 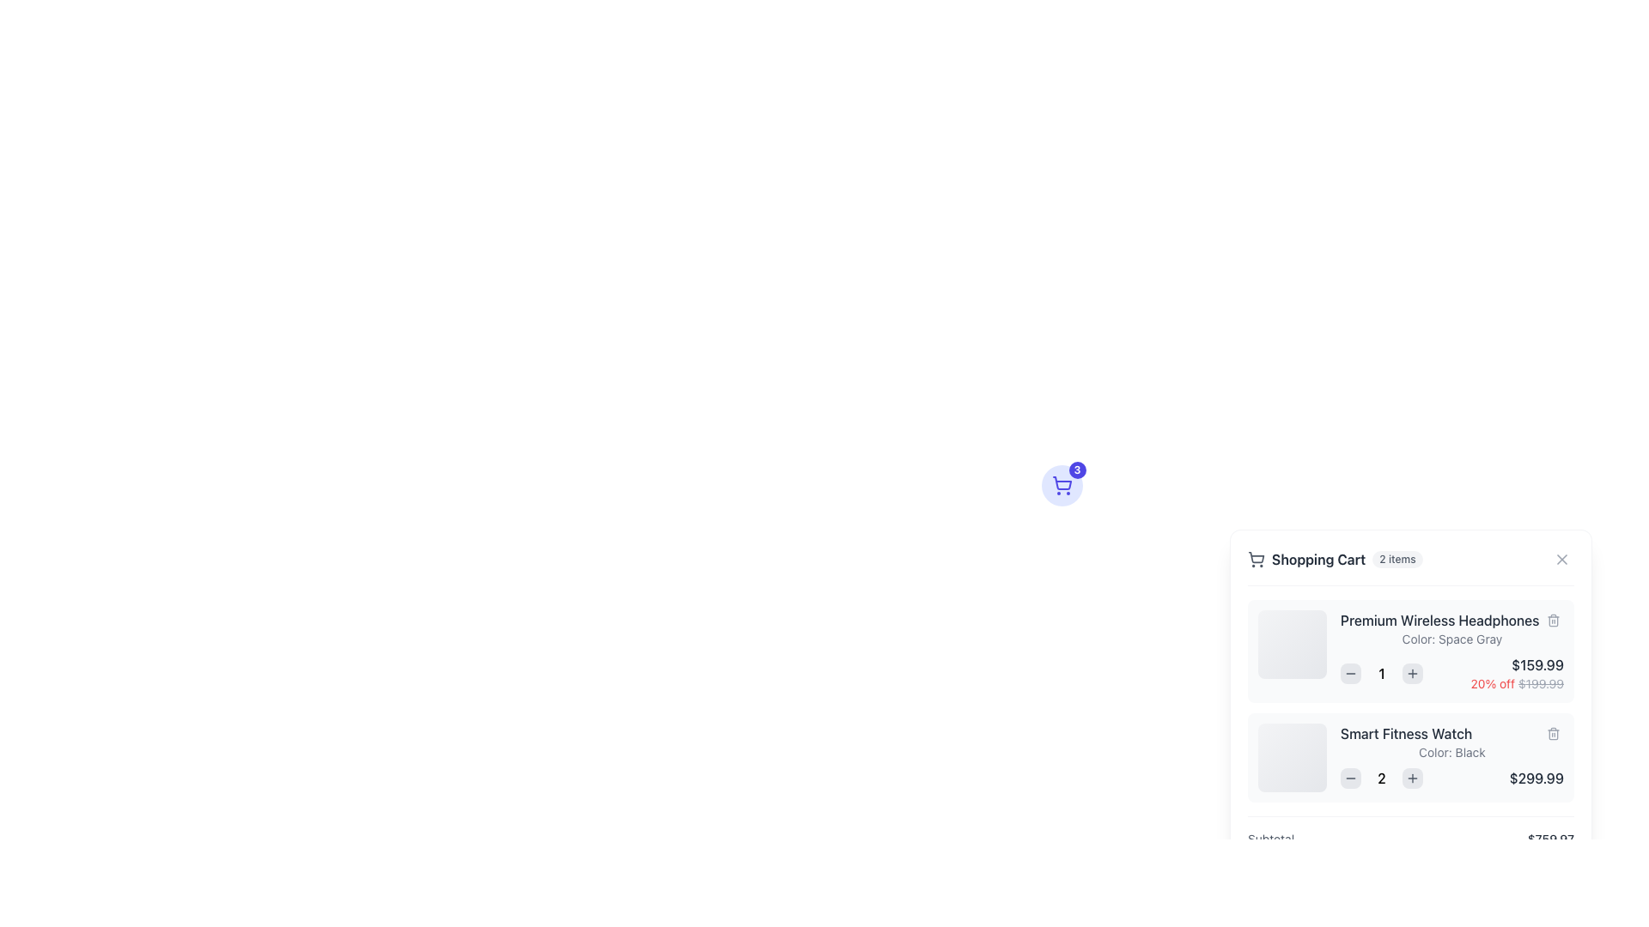 I want to click on the text label displaying the current price of 'Premium Wireless Headphones' in the shopping cart, located beneath the product description and quantity controls, to the left of the discount percentage and above the original price, so click(x=1517, y=664).